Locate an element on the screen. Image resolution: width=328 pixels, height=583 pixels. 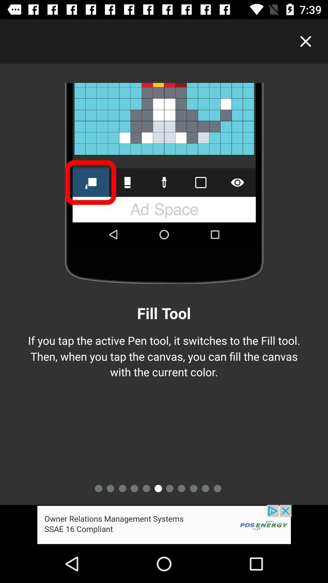
link in advertisement is located at coordinates (164, 524).